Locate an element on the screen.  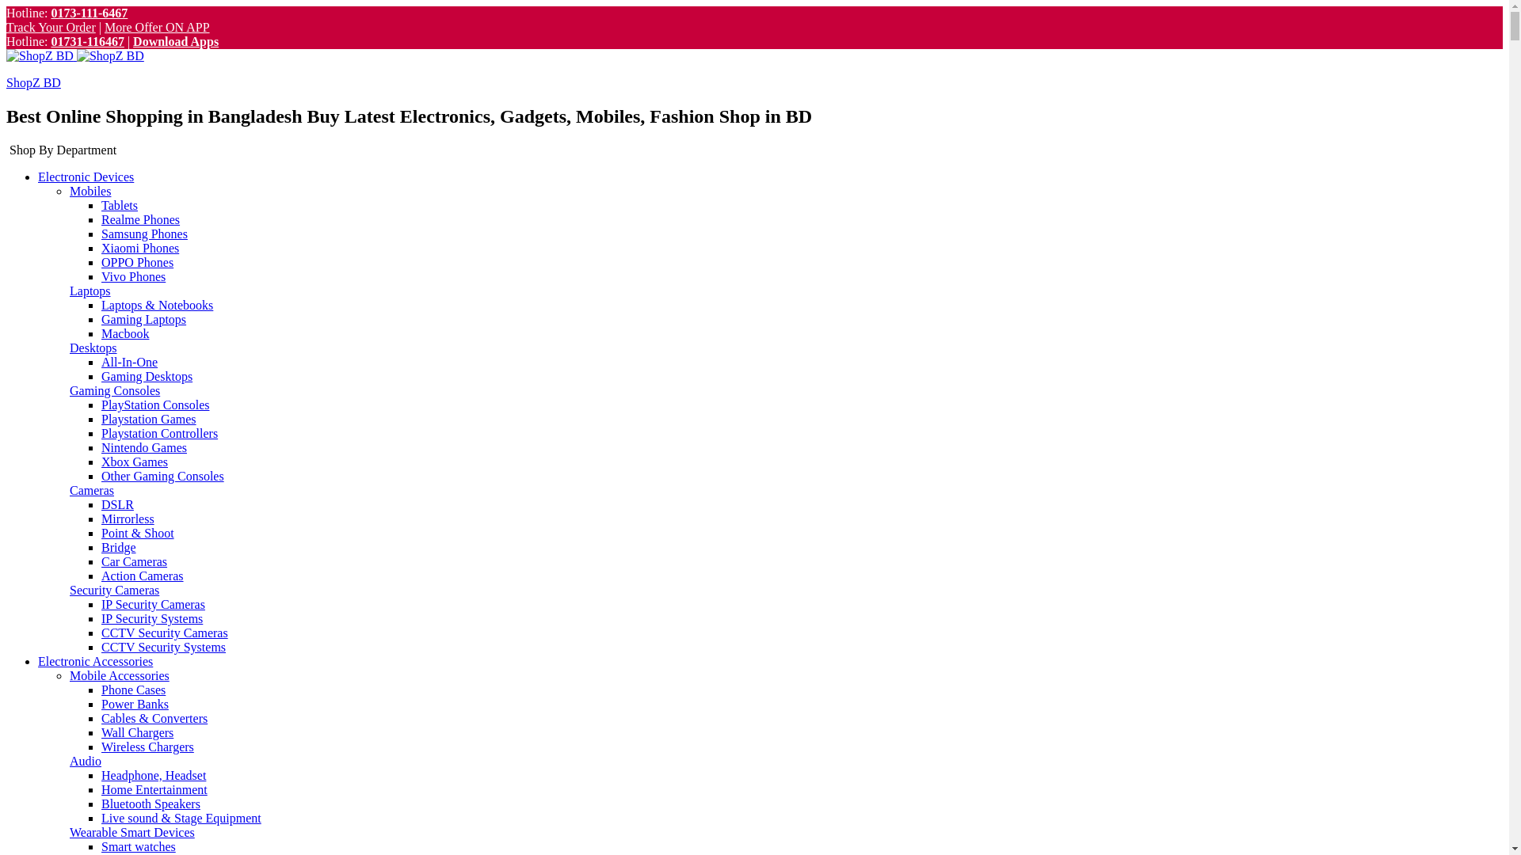
'Headphone, Headset' is located at coordinates (153, 774).